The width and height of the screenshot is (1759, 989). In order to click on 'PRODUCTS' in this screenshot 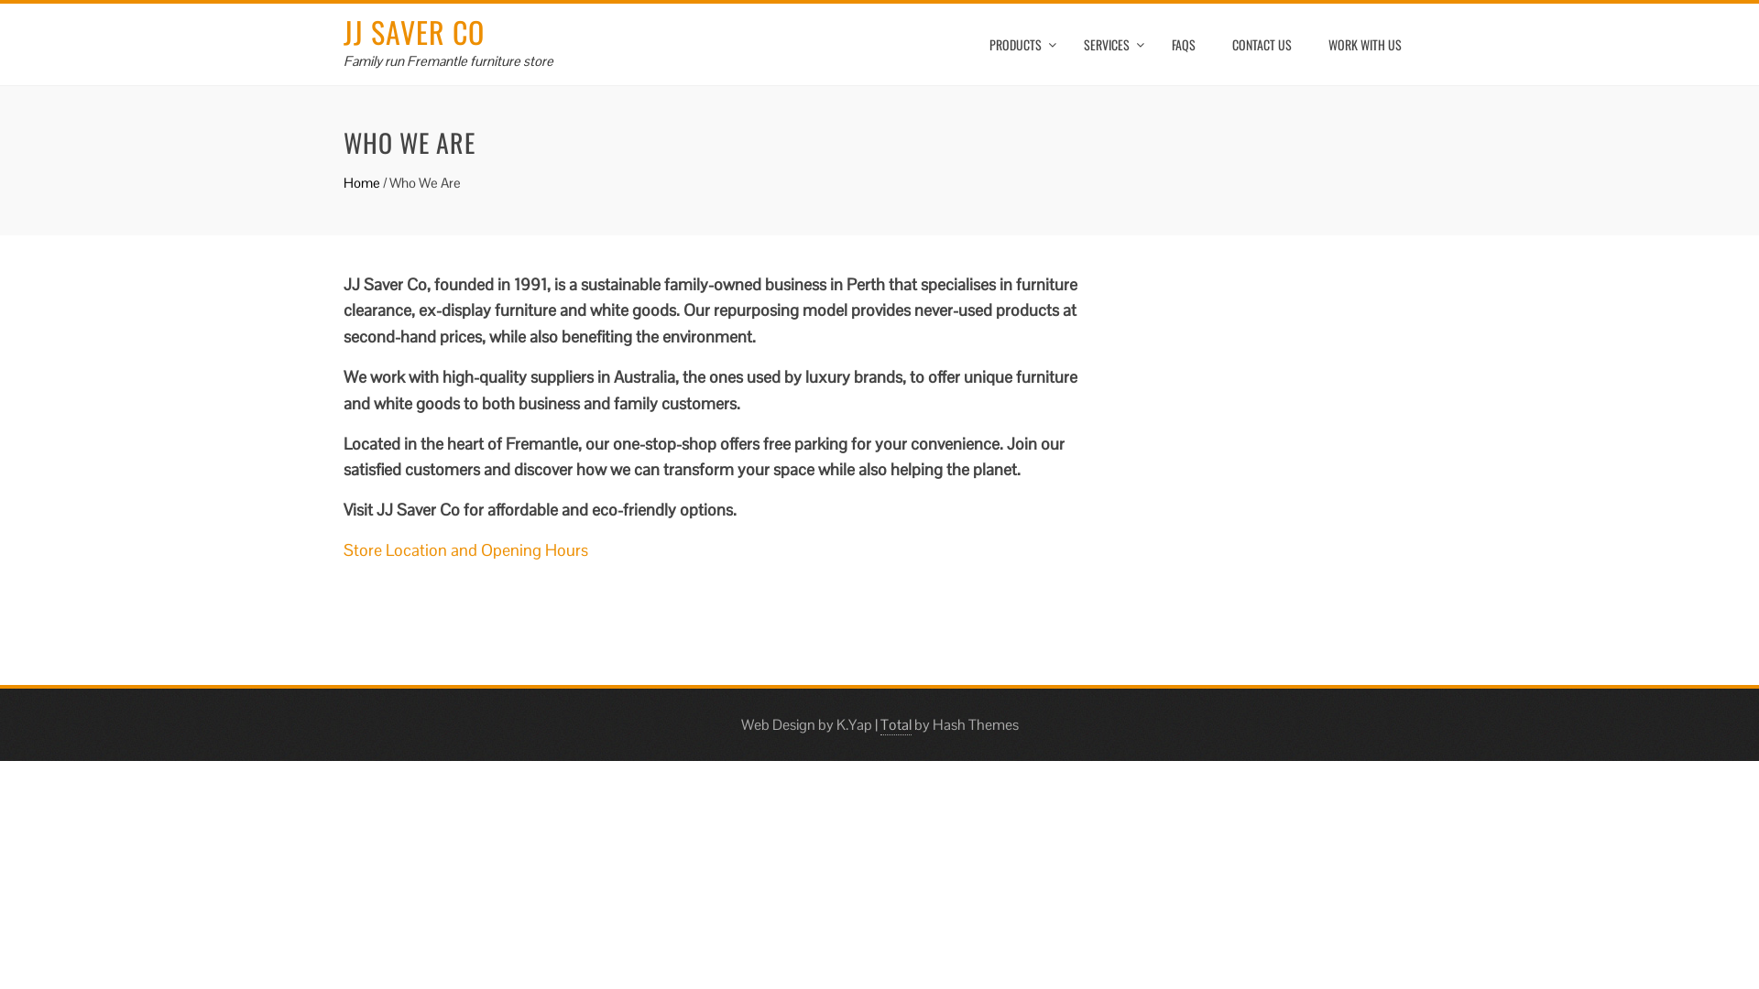, I will do `click(1017, 44)`.